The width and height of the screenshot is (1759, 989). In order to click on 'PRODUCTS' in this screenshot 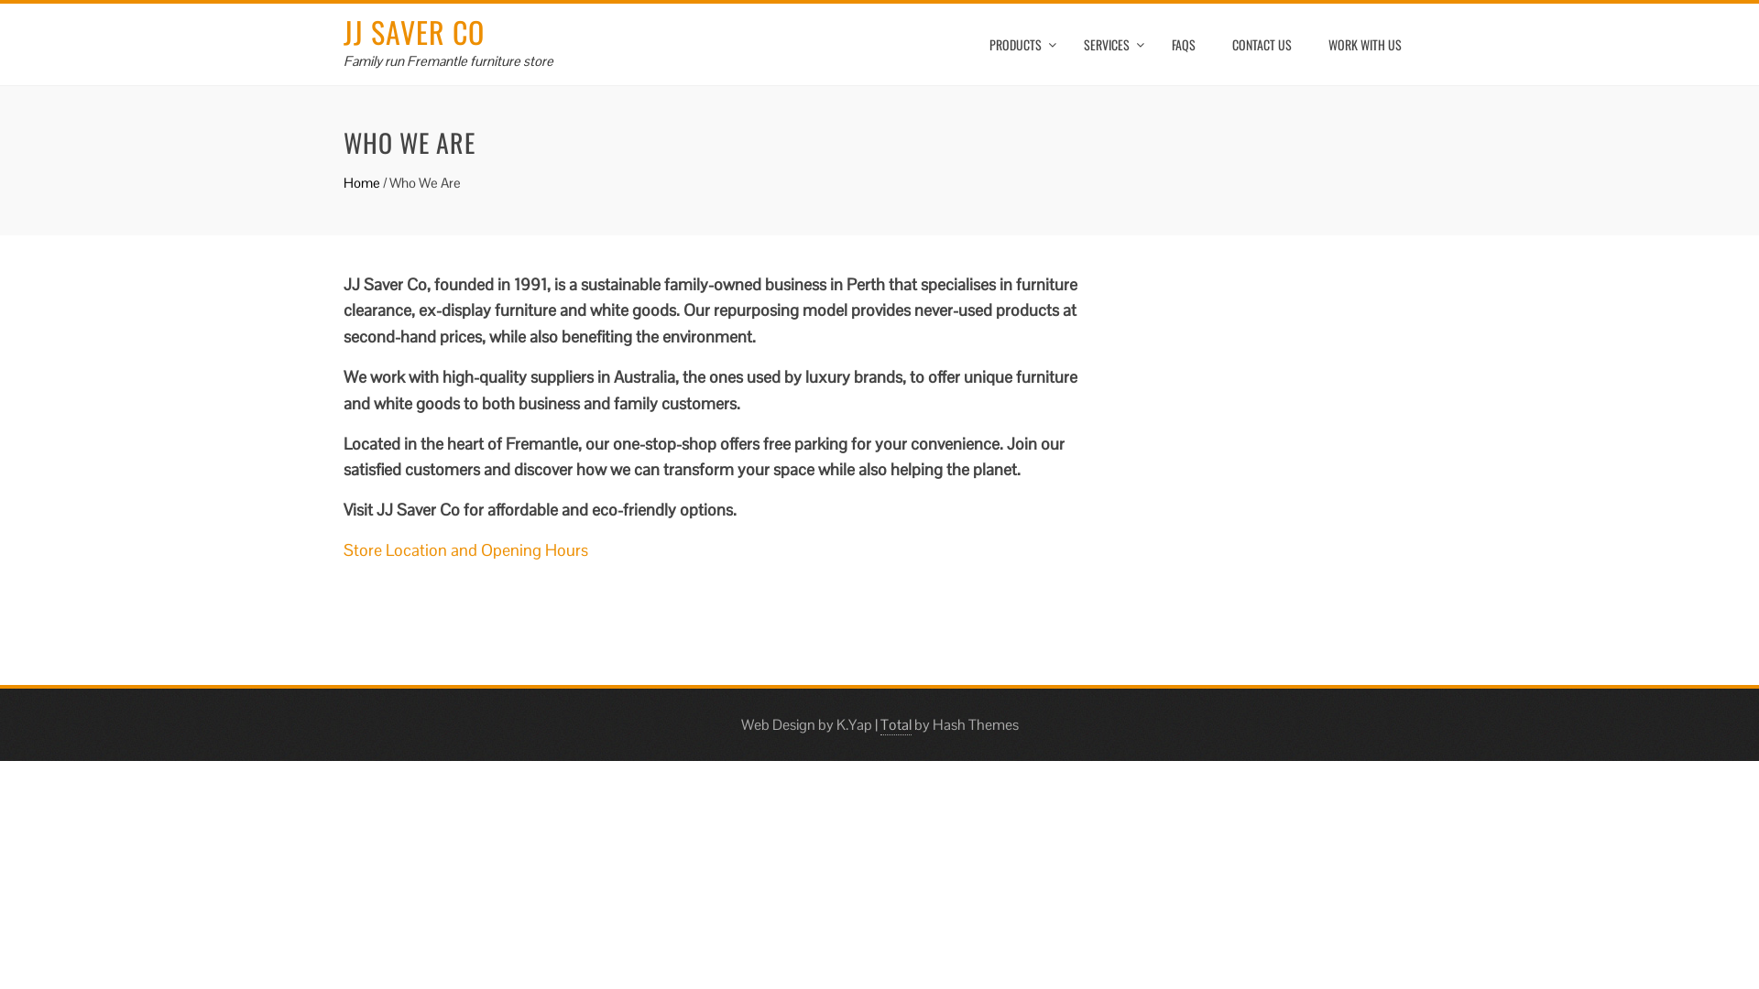, I will do `click(1017, 44)`.